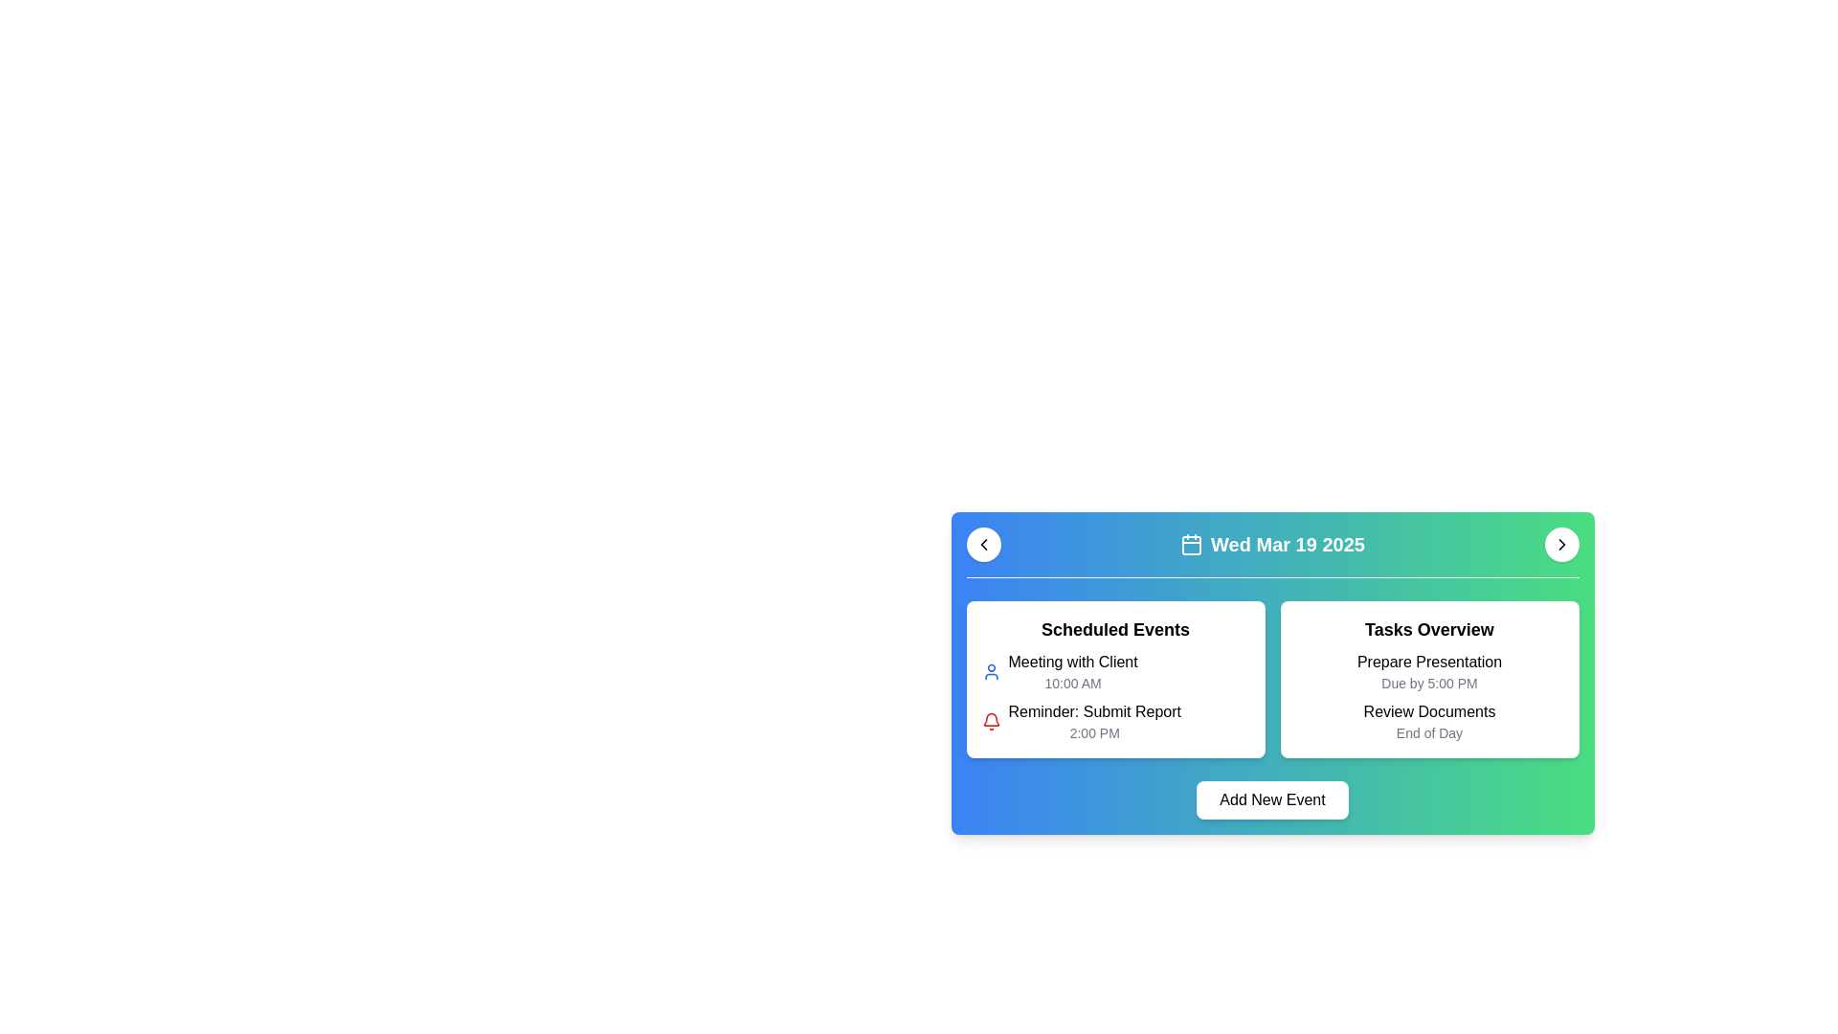 This screenshot has width=1838, height=1034. I want to click on date displayed on the horizontal date display element showing 'Wed Mar 19 2025' in bold white font, located at the center of the section above 'Scheduled Events' and 'Tasks Overview', so click(1272, 545).